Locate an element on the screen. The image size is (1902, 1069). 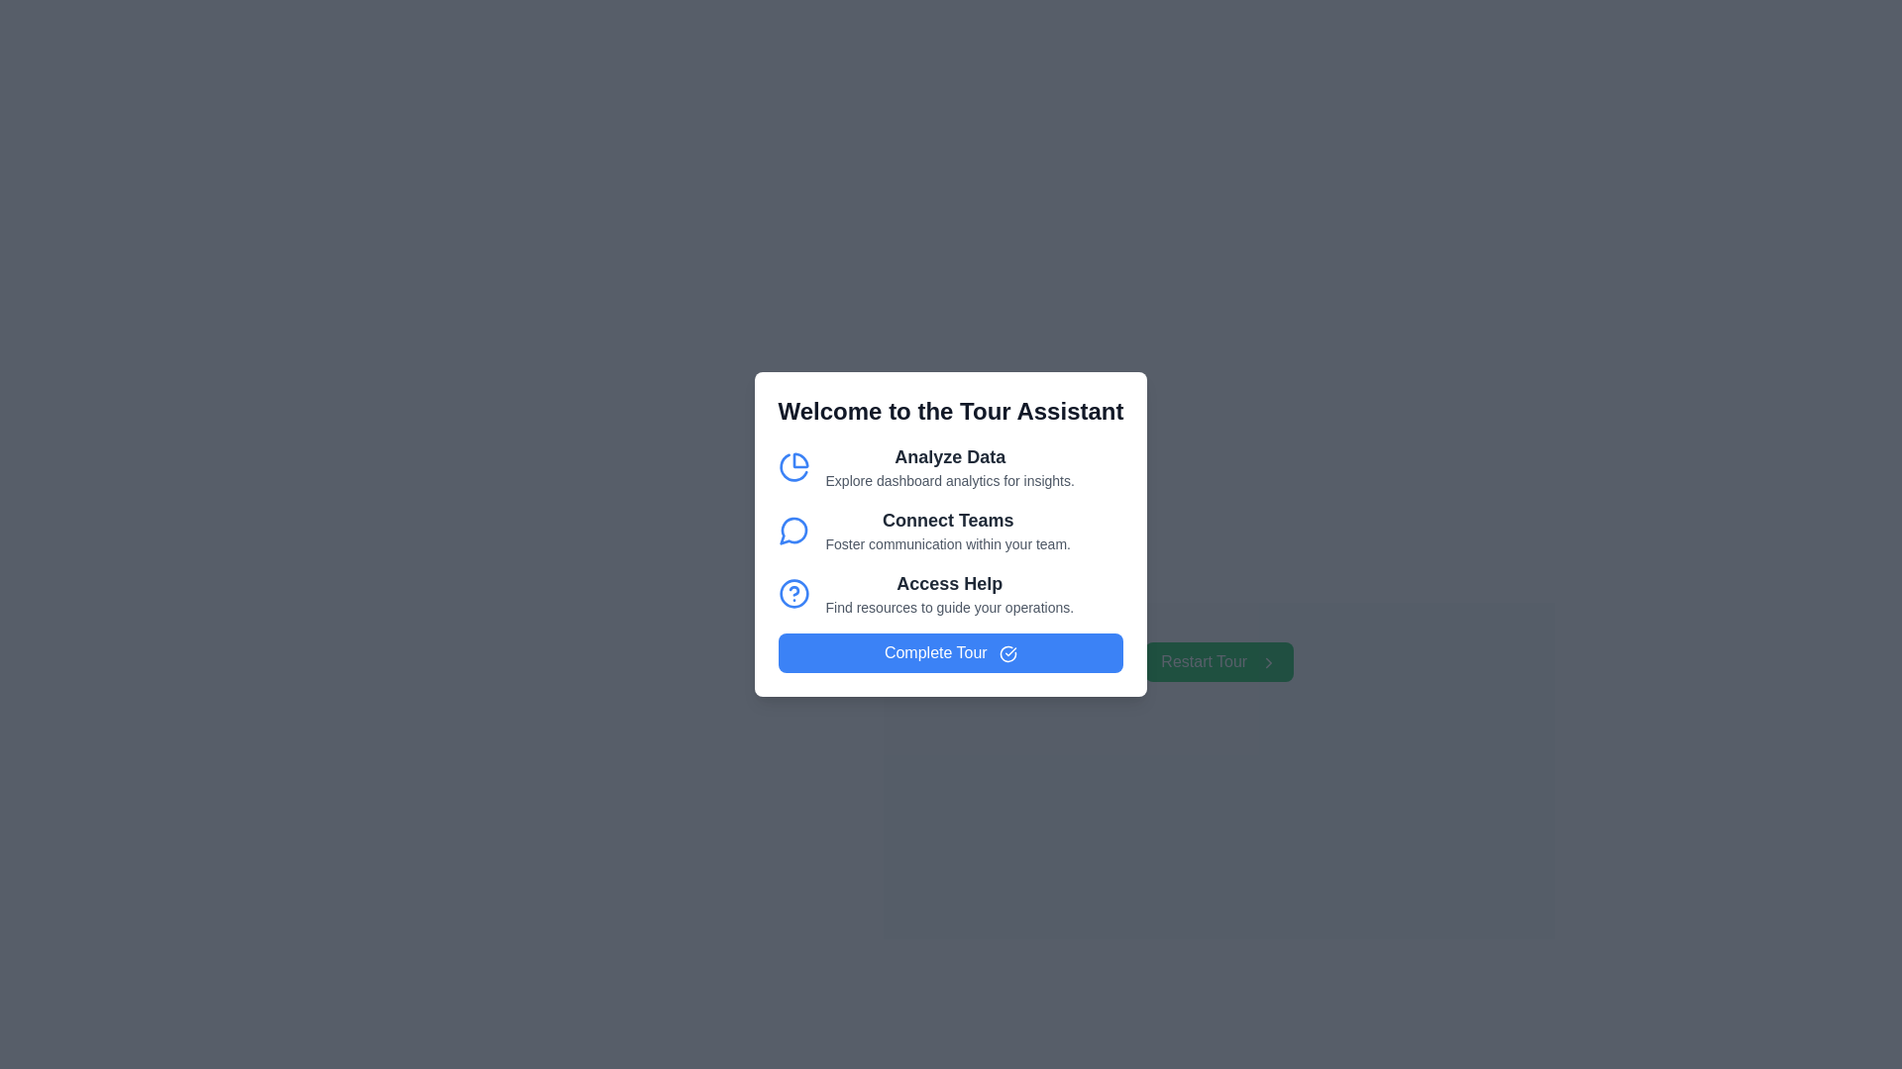
the Informational Card Item with the title 'Connect Teams' which features a blue speech balloon icon and a subtitle 'Foster communication within your team.' is located at coordinates (951, 530).